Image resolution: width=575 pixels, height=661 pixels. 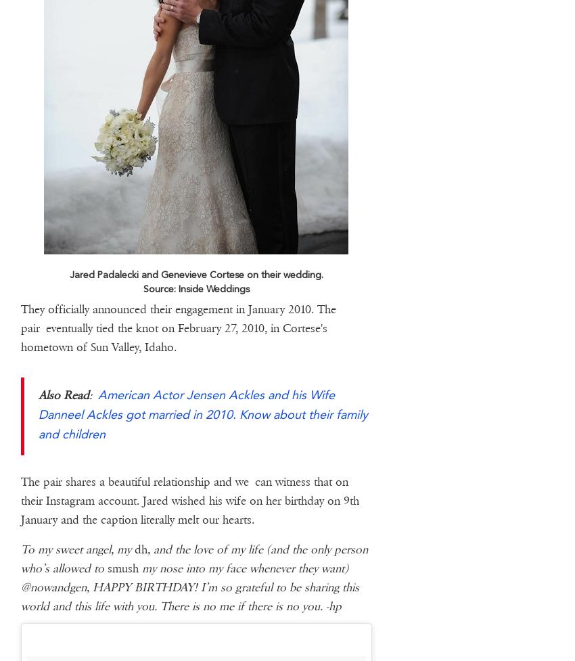 What do you see at coordinates (76, 549) in the screenshot?
I see `'To my sweet angel, my'` at bounding box center [76, 549].